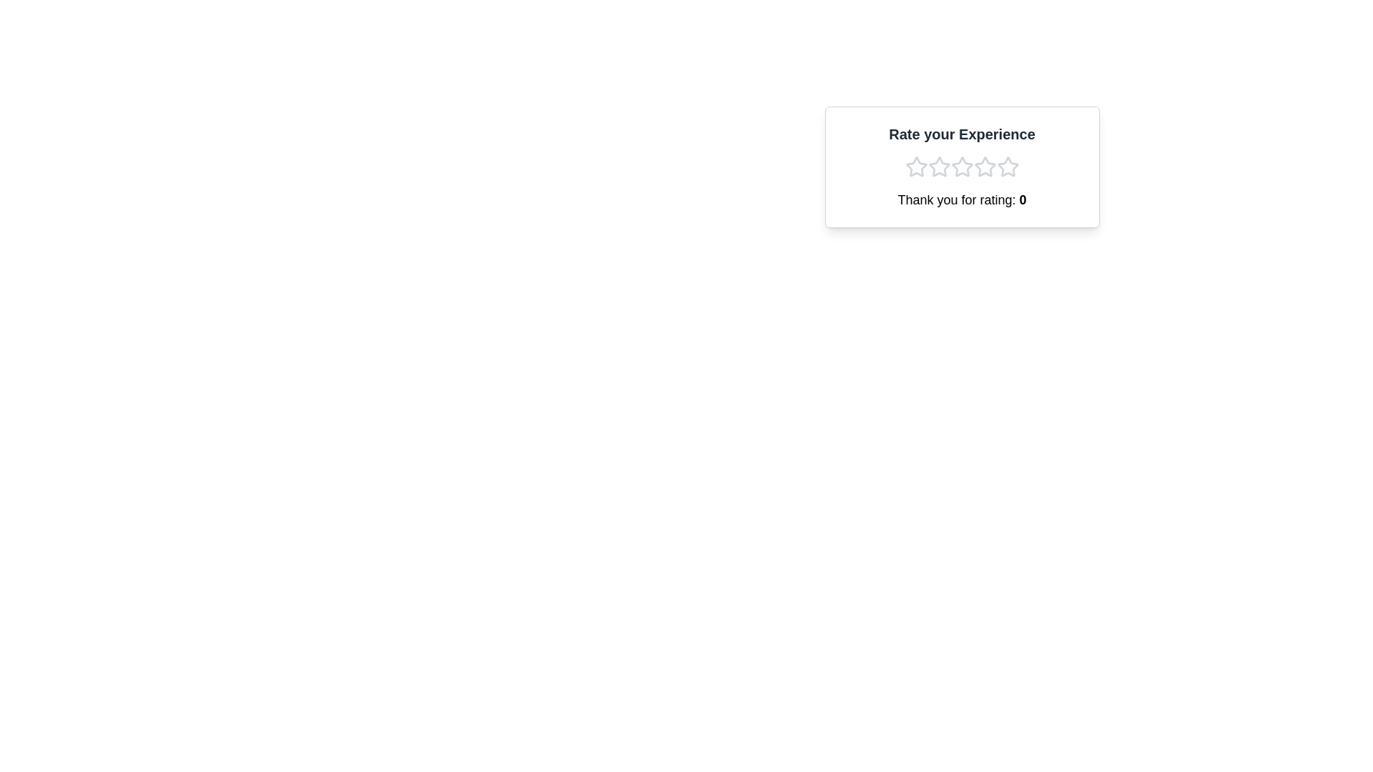  Describe the element at coordinates (962, 166) in the screenshot. I see `the third star in the five-star rating row` at that location.